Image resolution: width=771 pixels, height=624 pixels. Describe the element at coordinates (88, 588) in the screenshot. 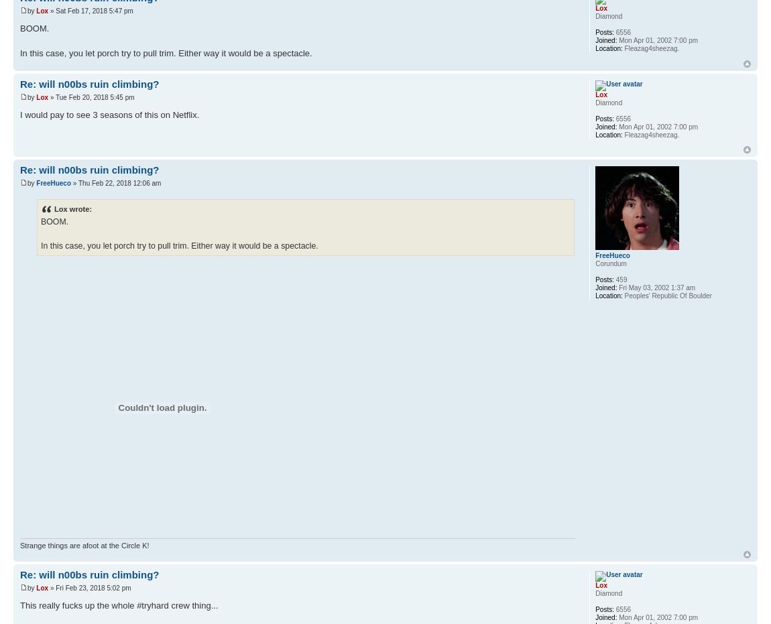

I see `'» Fri Feb 23, 2018 5:02 pm'` at that location.